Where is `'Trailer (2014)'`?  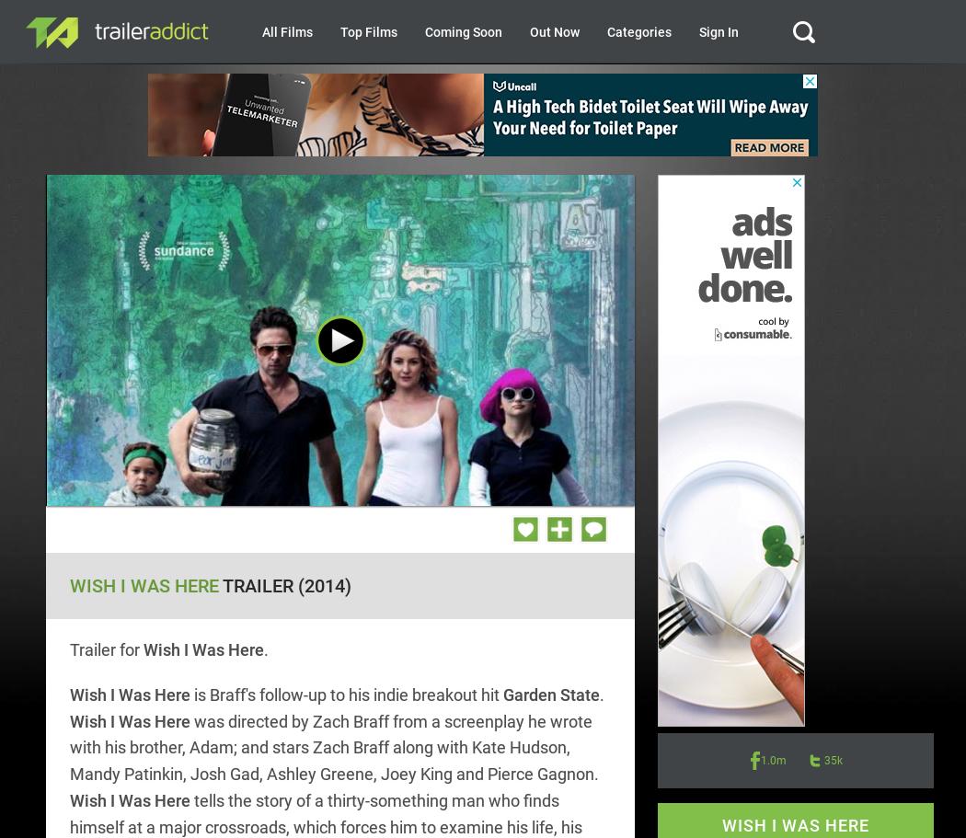
'Trailer (2014)' is located at coordinates (284, 585).